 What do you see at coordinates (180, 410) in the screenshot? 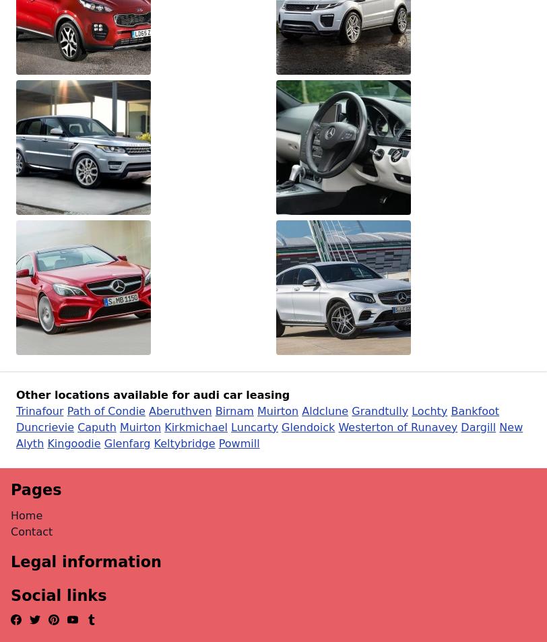
I see `'Aberuthven'` at bounding box center [180, 410].